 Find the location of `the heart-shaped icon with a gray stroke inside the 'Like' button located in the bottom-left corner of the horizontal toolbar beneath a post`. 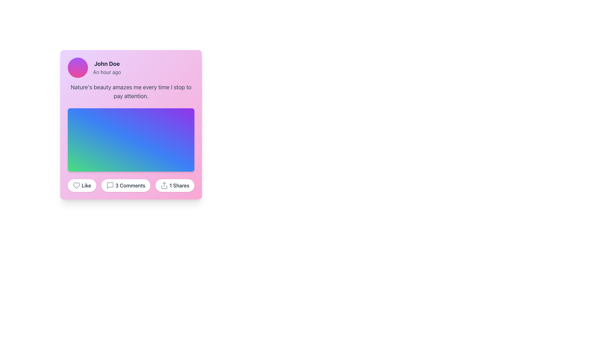

the heart-shaped icon with a gray stroke inside the 'Like' button located in the bottom-left corner of the horizontal toolbar beneath a post is located at coordinates (76, 185).